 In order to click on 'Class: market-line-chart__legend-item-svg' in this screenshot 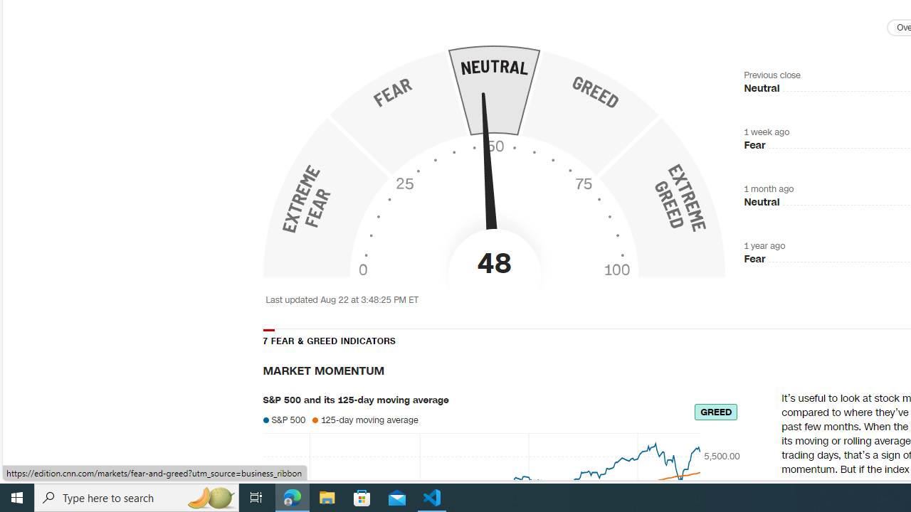, I will do `click(315, 419)`.